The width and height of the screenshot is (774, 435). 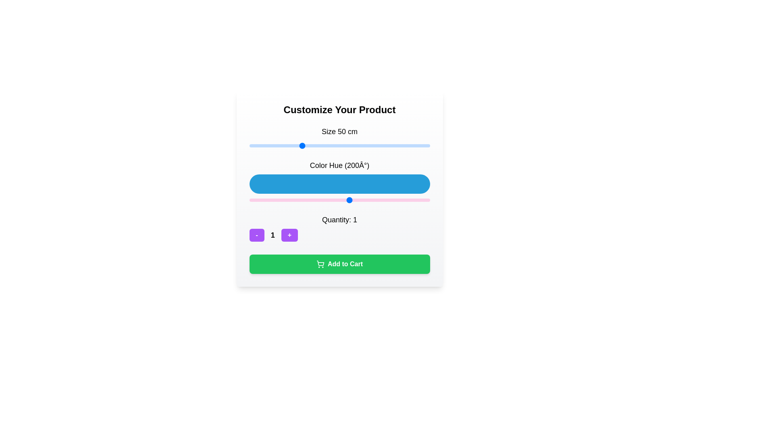 I want to click on the bold, black number '1' display text, which is positioned between the '-' button on the left and the '+' button on the right, in the lower central region of the interface, so click(x=273, y=235).